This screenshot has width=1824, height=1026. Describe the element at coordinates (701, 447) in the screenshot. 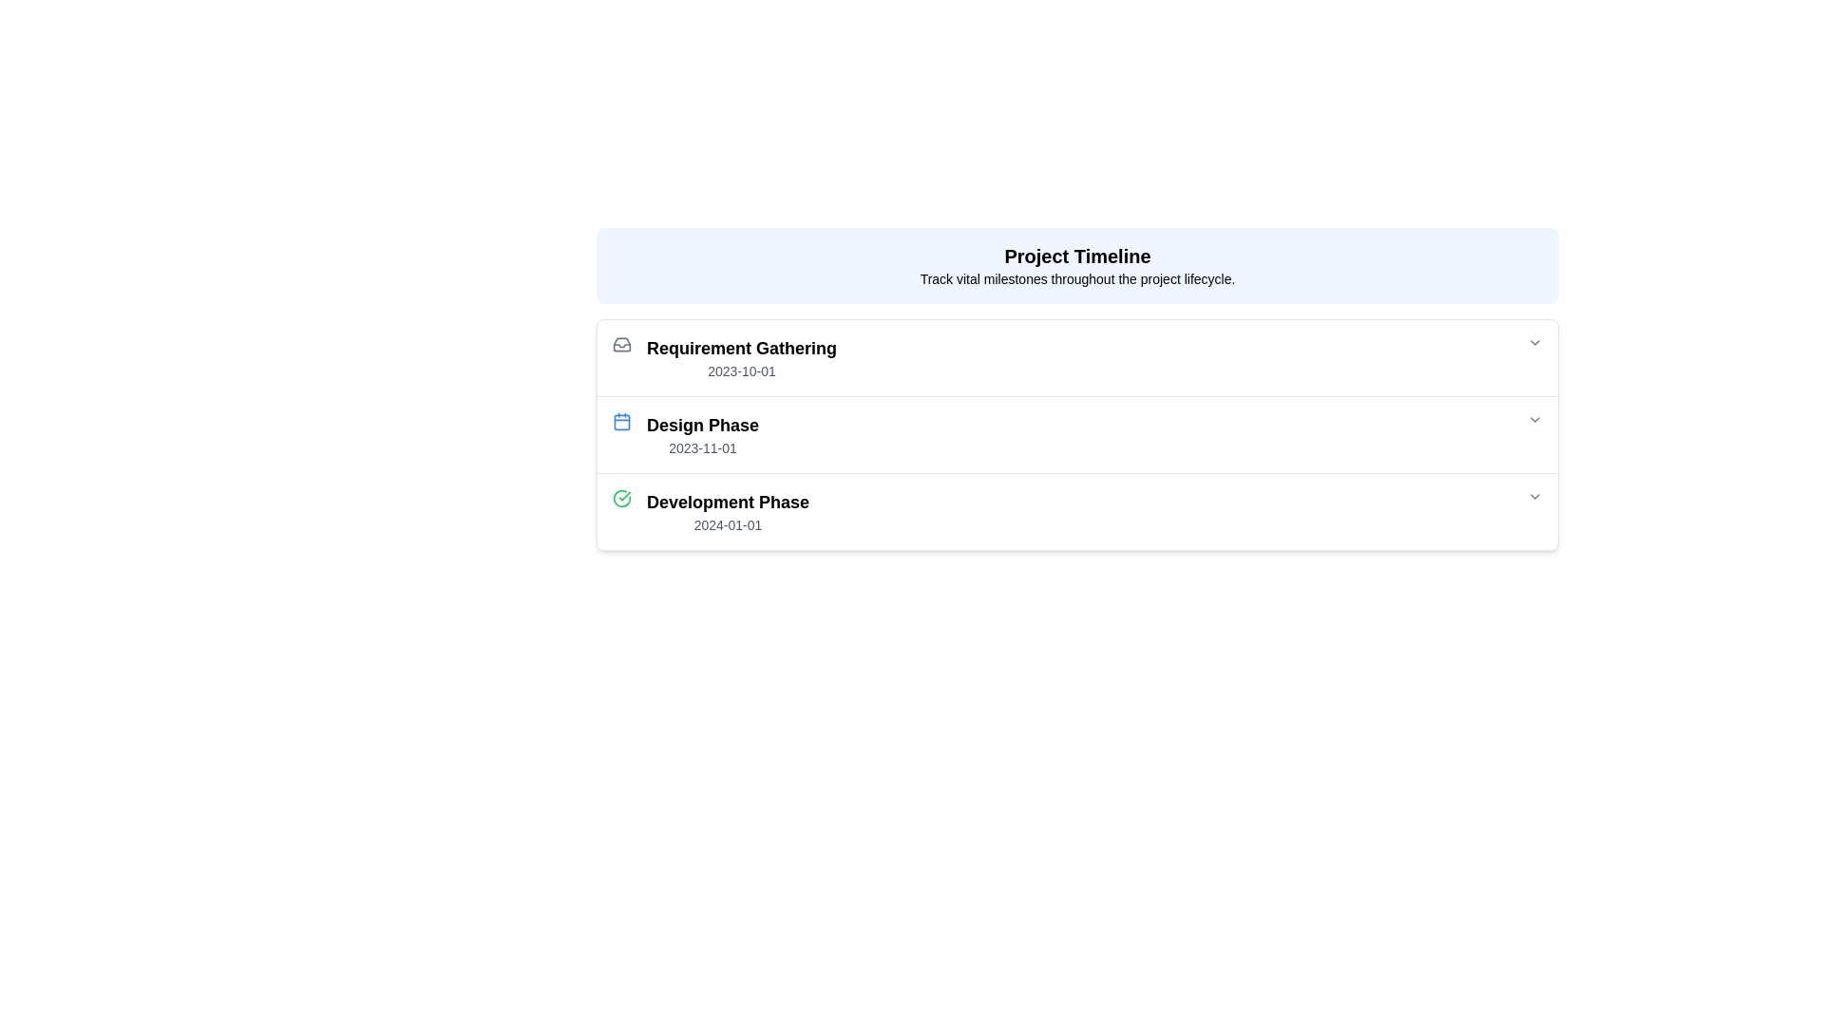

I see `the text label displaying the date '2023-11-01', which is located directly below the 'Design Phase' label in the second section of a vertical list` at that location.